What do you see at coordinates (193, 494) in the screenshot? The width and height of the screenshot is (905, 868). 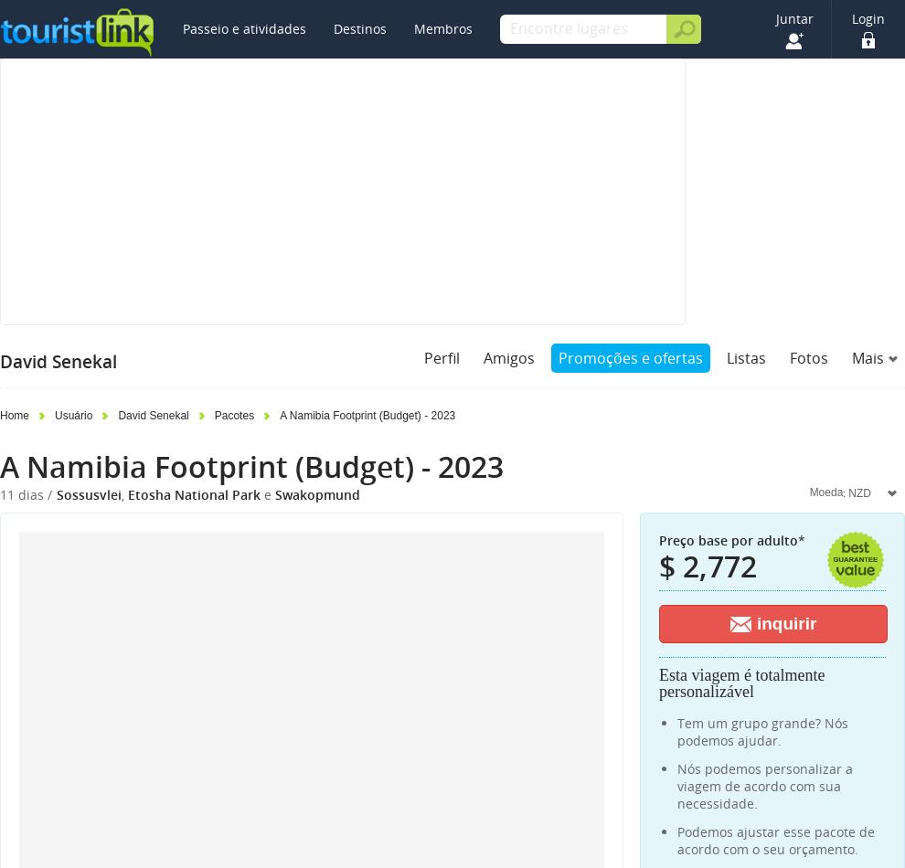 I see `'Etosha National Park'` at bounding box center [193, 494].